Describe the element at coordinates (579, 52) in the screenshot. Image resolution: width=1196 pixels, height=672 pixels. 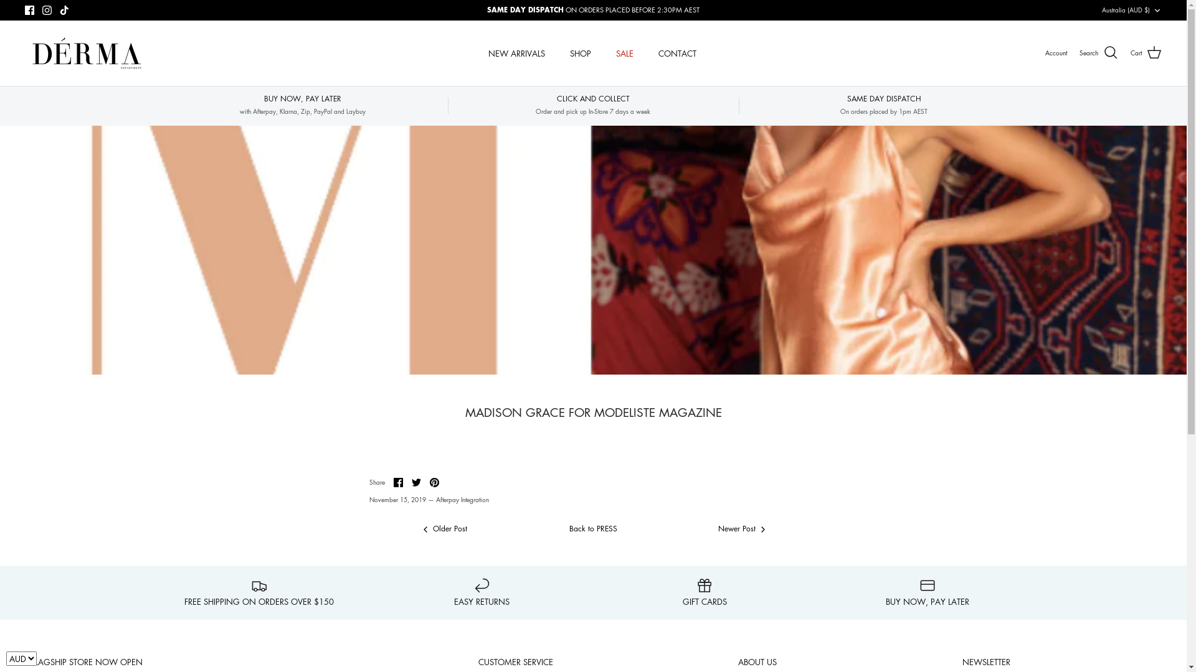
I see `'SHOP'` at that location.